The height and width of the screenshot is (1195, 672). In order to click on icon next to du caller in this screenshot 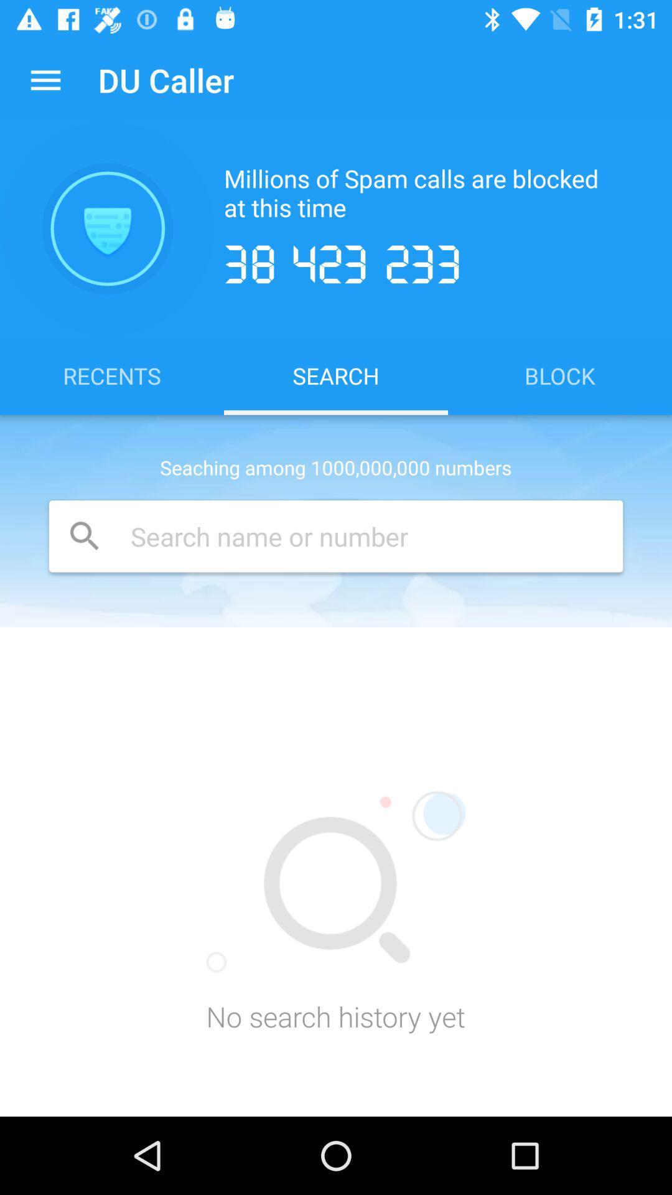, I will do `click(45, 79)`.